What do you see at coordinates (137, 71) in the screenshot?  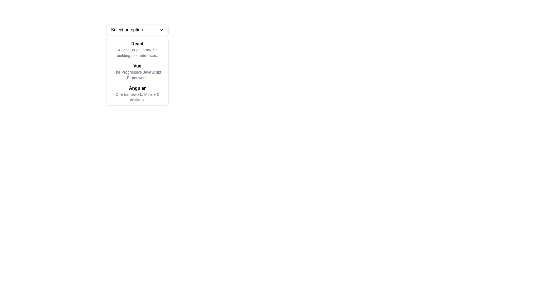 I see `the static text block displaying information about the JavaScript framework 'Vue', which is positioned below the 'React' option and above the 'Angular' option` at bounding box center [137, 71].